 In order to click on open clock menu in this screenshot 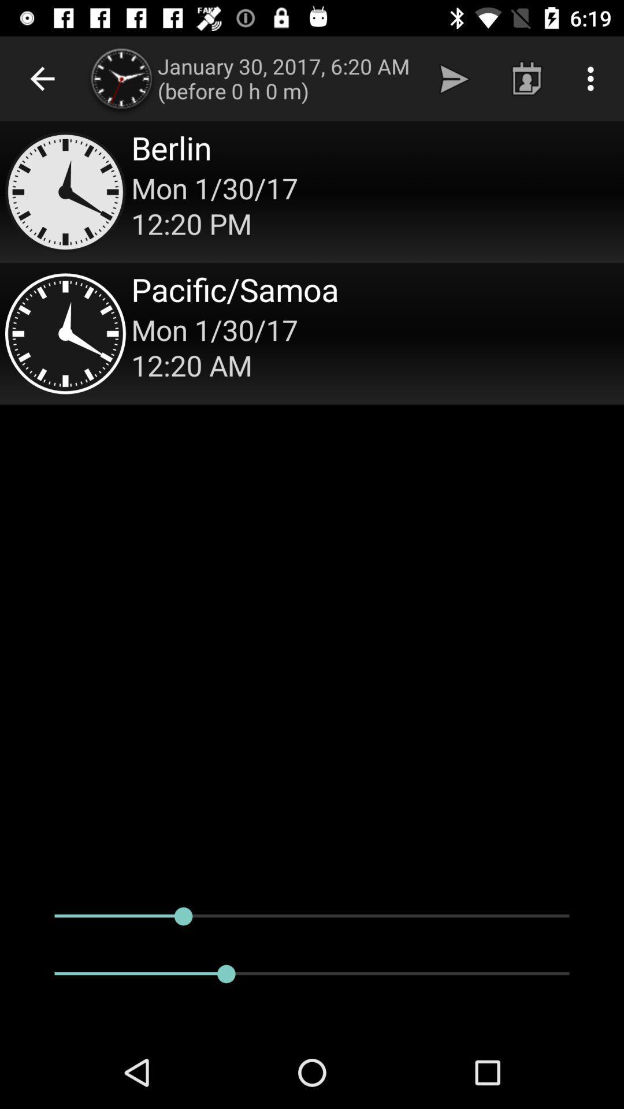, I will do `click(312, 192)`.